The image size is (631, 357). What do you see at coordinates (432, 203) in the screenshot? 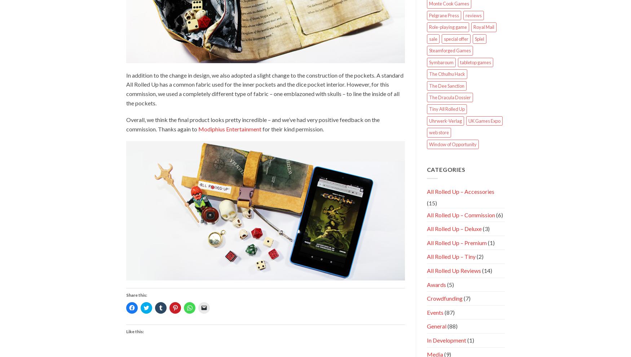
I see `'(15)'` at bounding box center [432, 203].